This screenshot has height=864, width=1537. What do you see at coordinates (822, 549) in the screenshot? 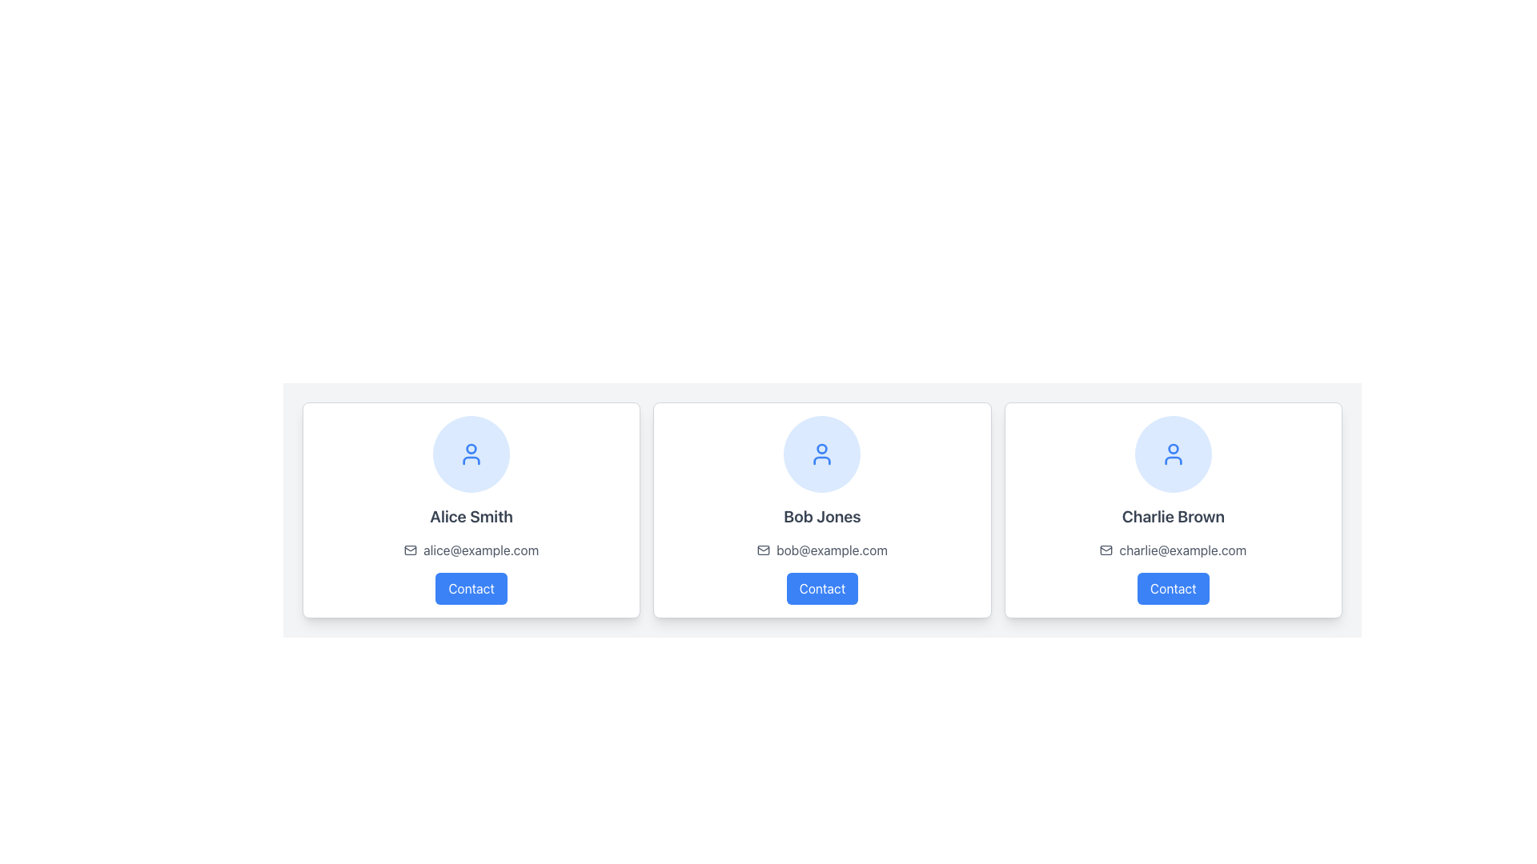
I see `the email address 'bob@example.com' of 'Bob Jones' for copying, which is positioned below the name in the profile card and above the 'Contact' button` at bounding box center [822, 549].